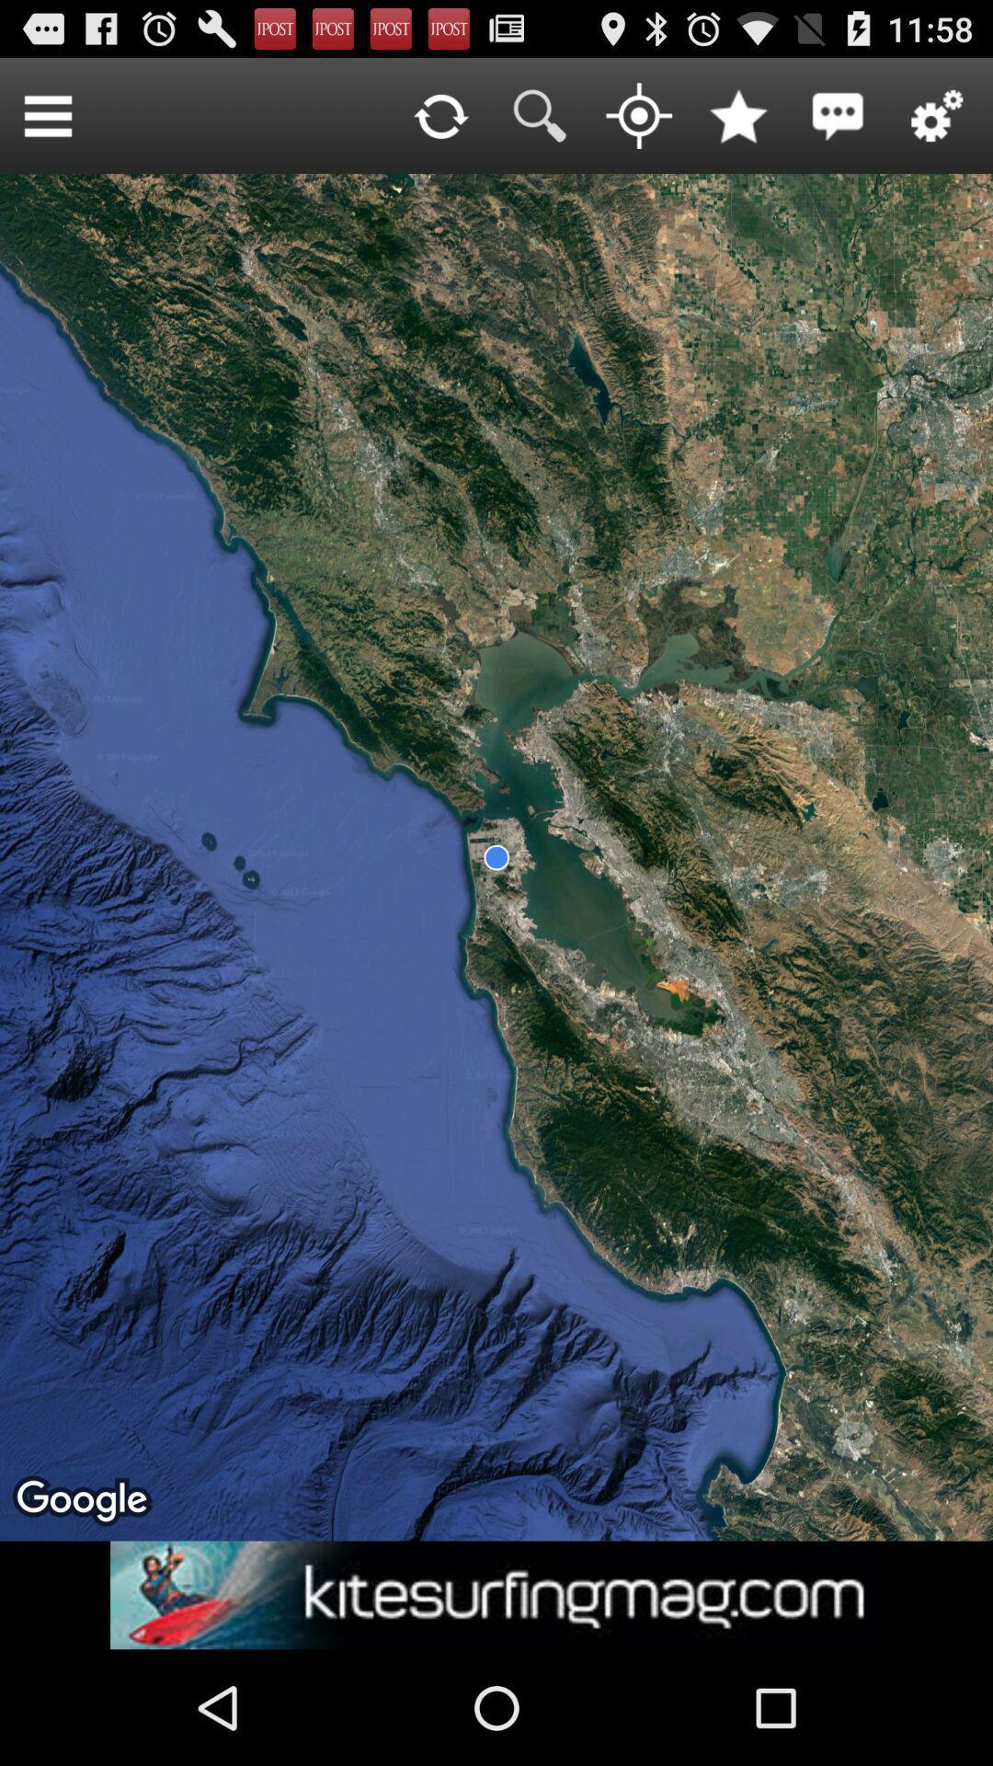 The width and height of the screenshot is (993, 1766). What do you see at coordinates (47, 114) in the screenshot?
I see `the item at the top left corner` at bounding box center [47, 114].